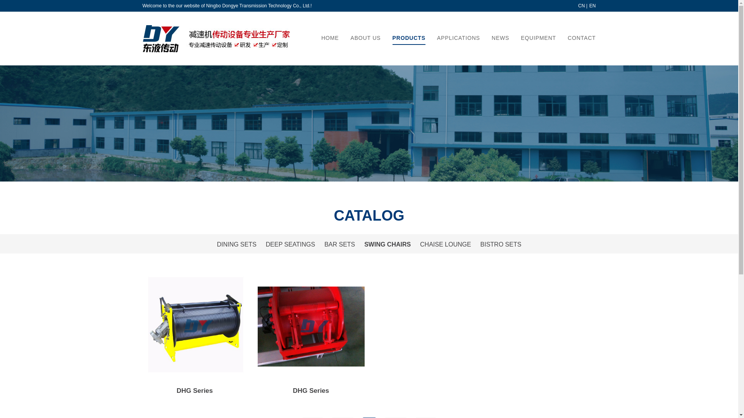 This screenshot has width=744, height=418. What do you see at coordinates (458, 38) in the screenshot?
I see `'APPLICATIONS'` at bounding box center [458, 38].